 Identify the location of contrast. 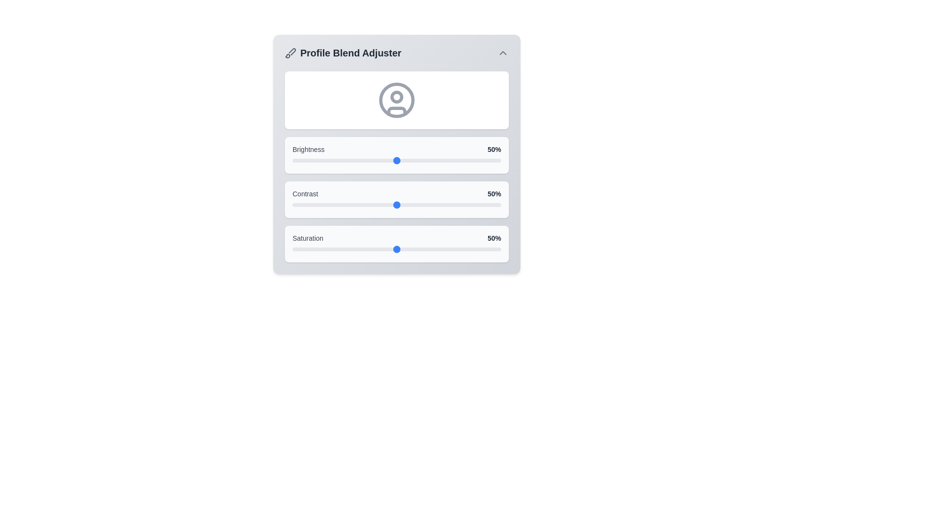
(396, 204).